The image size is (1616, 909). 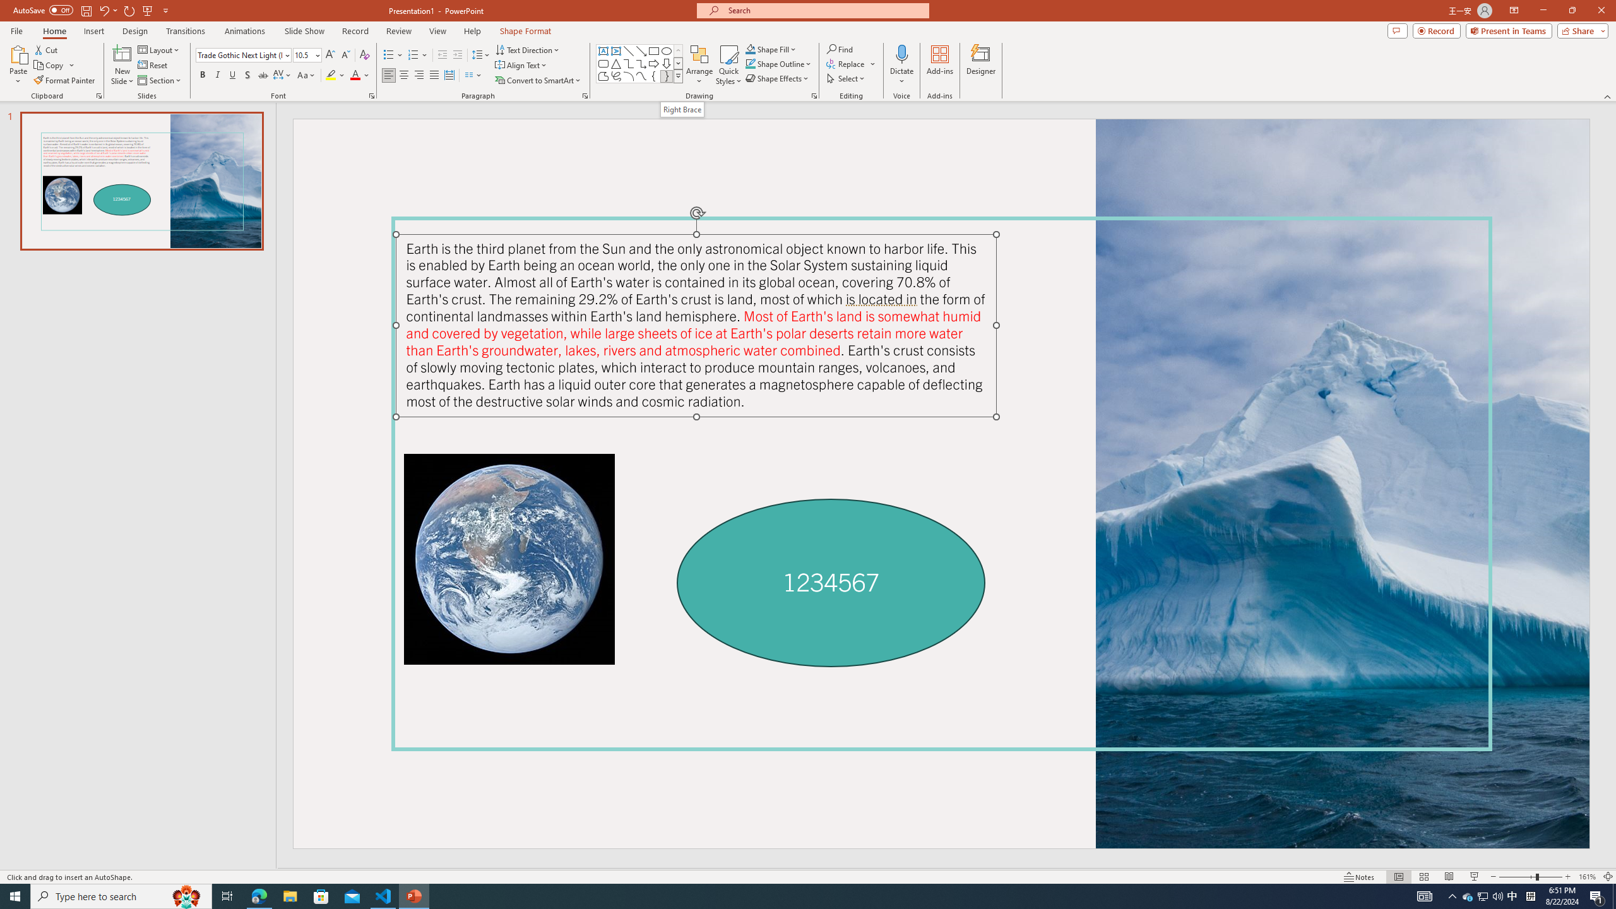 I want to click on 'Shape Effects', so click(x=777, y=77).